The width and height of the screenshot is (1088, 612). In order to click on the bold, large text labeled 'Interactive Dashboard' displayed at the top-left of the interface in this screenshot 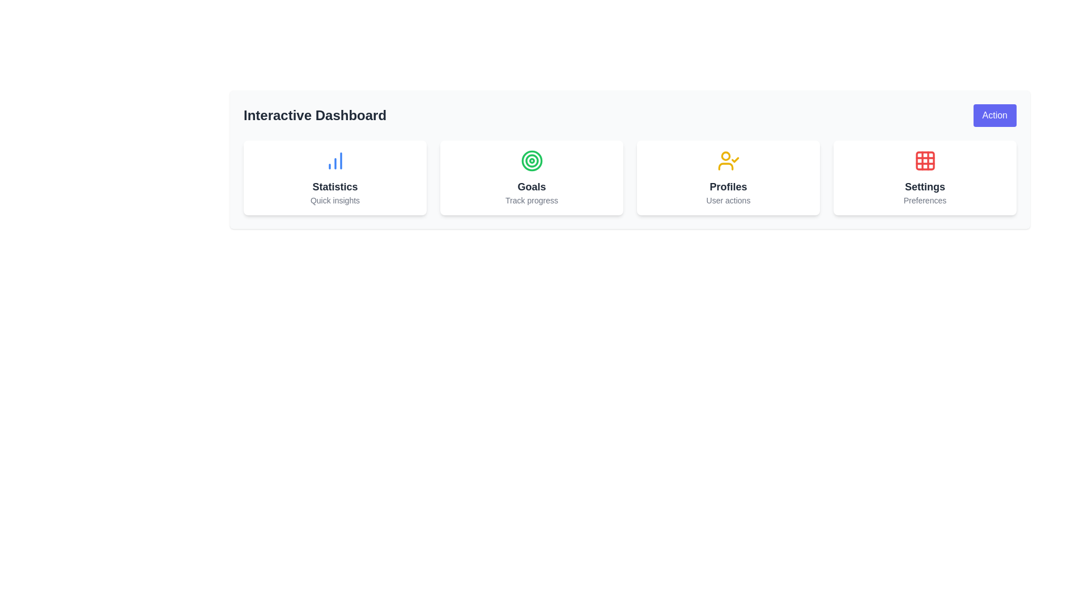, I will do `click(315, 116)`.